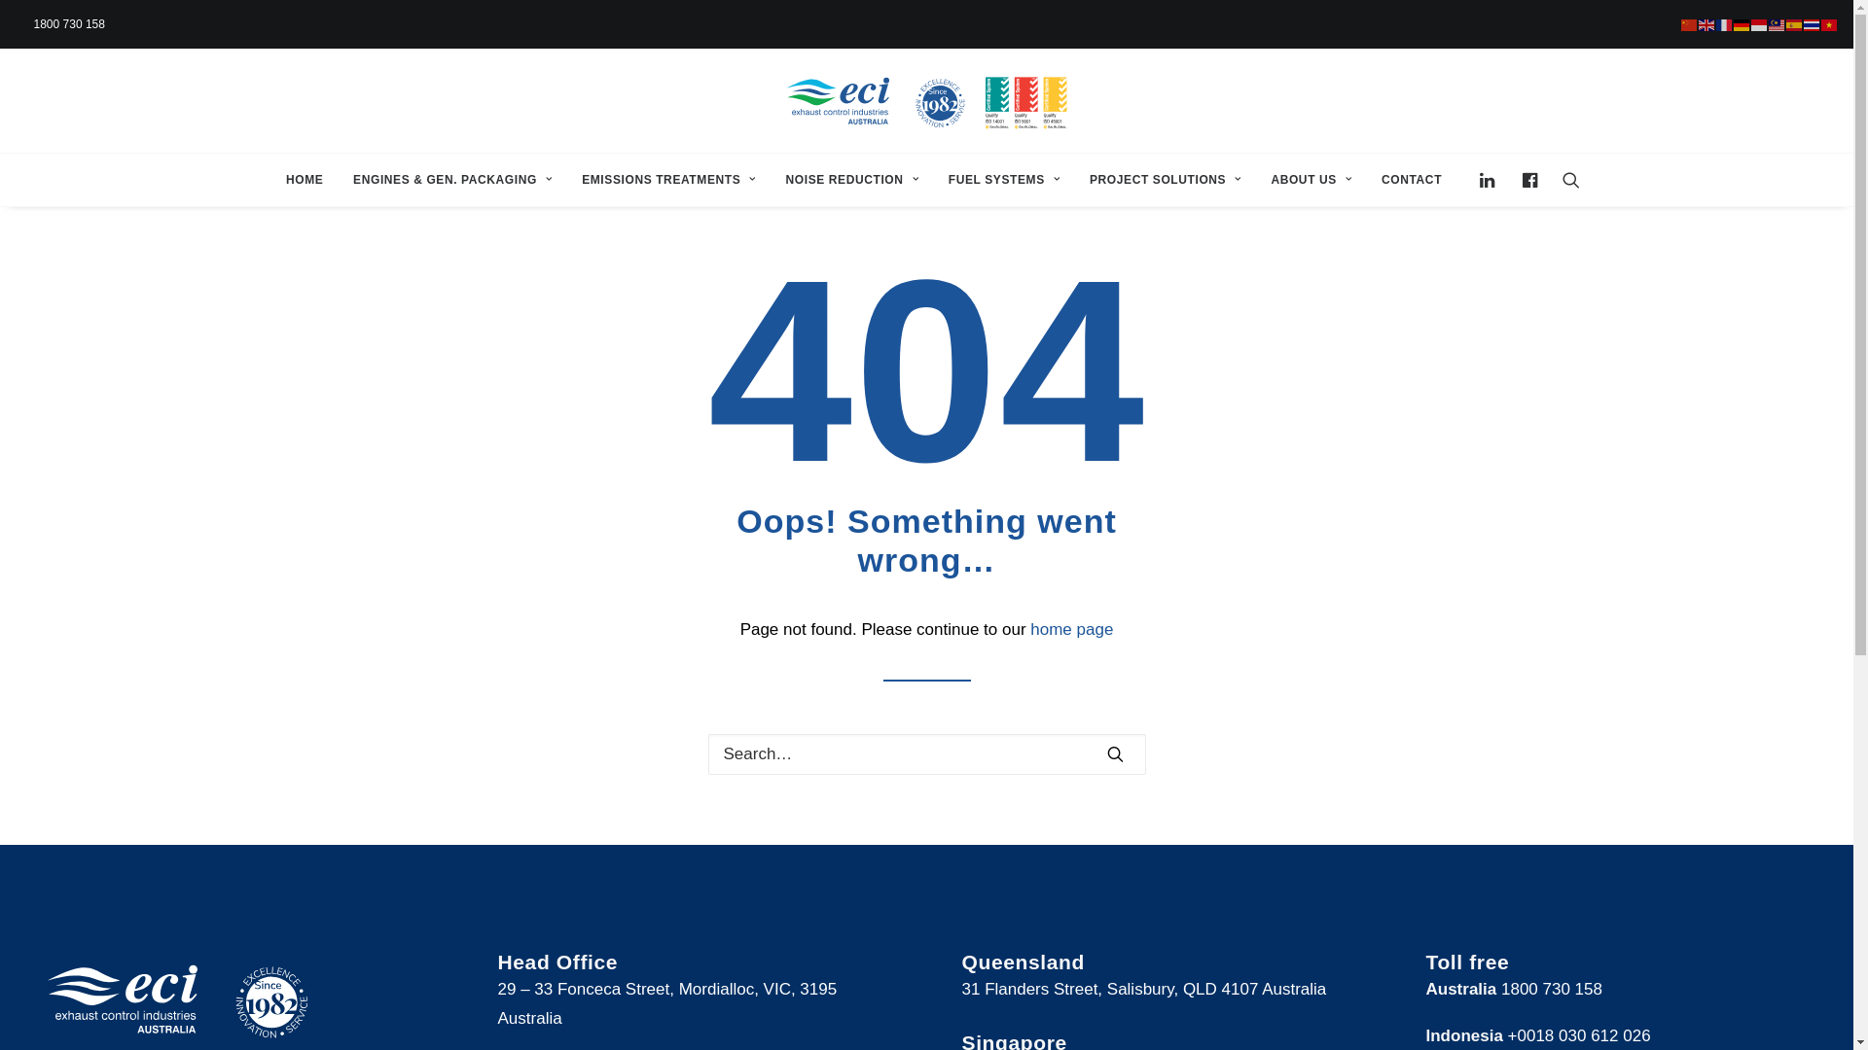 The width and height of the screenshot is (1868, 1050). I want to click on 'Bahasa Melayu', so click(1778, 23).